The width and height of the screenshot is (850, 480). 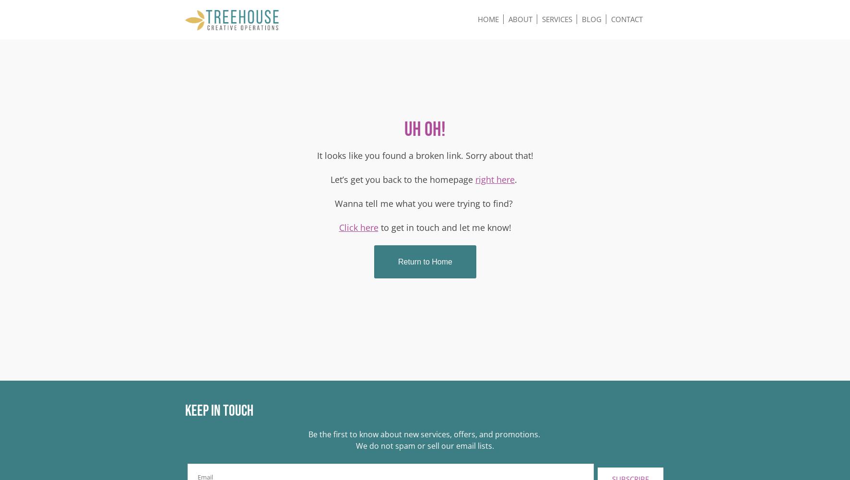 What do you see at coordinates (425, 434) in the screenshot?
I see `'Be the first to know about new services, offers, and promotions.'` at bounding box center [425, 434].